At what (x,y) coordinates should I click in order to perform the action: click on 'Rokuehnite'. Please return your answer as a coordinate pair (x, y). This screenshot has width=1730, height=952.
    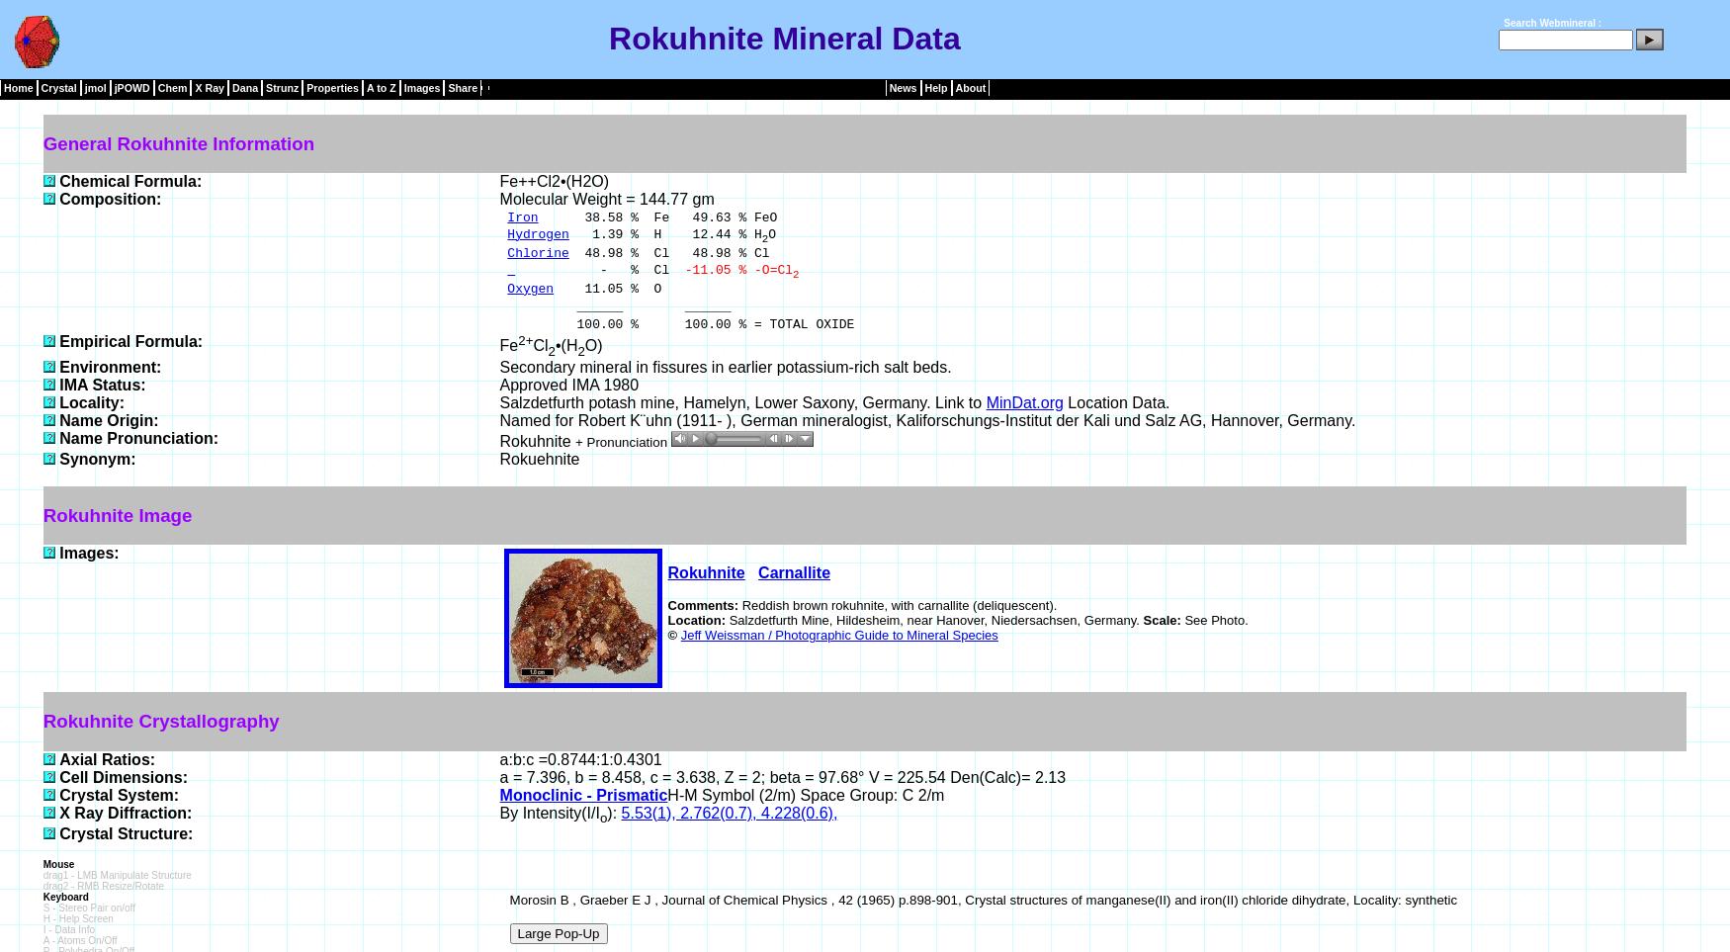
    Looking at the image, I should click on (538, 457).